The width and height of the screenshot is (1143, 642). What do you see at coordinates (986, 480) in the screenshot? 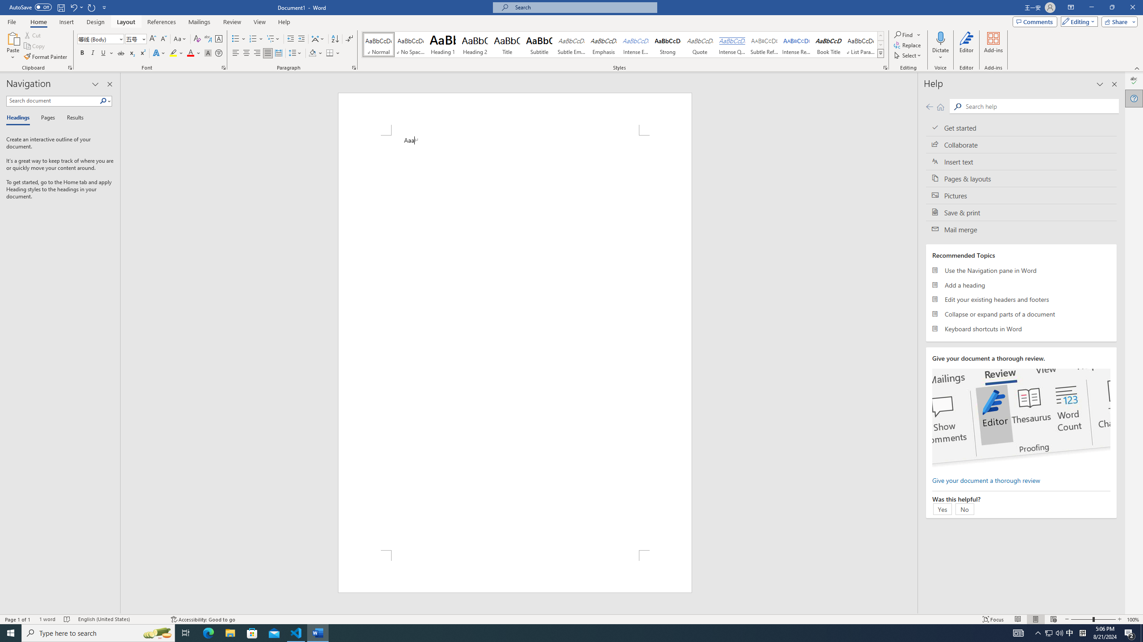
I see `'Give your document a thorough review'` at bounding box center [986, 480].